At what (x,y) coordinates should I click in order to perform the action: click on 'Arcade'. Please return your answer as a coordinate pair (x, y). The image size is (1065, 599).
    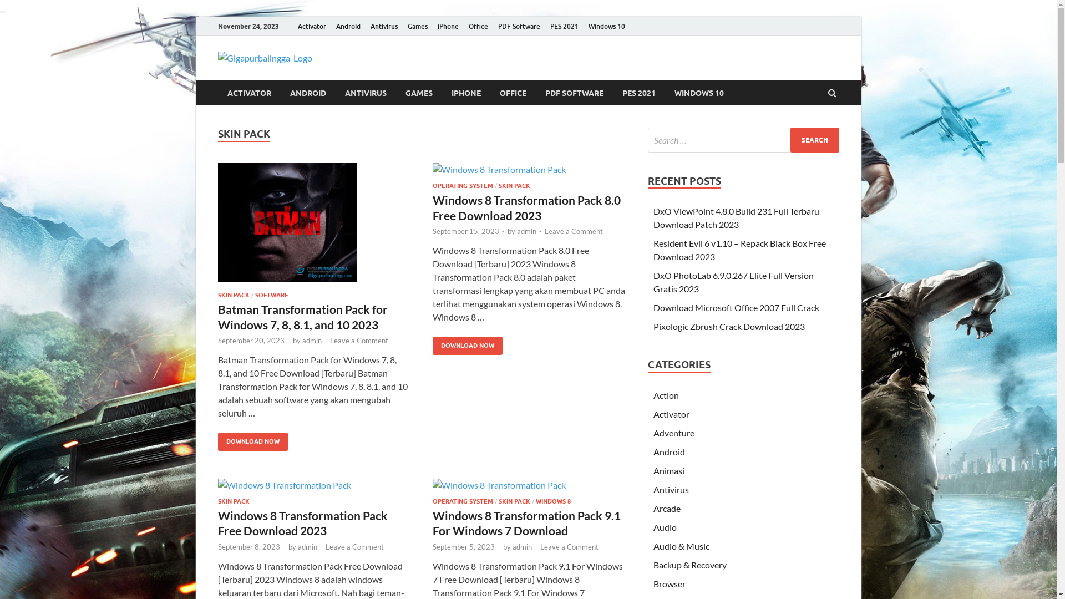
    Looking at the image, I should click on (666, 508).